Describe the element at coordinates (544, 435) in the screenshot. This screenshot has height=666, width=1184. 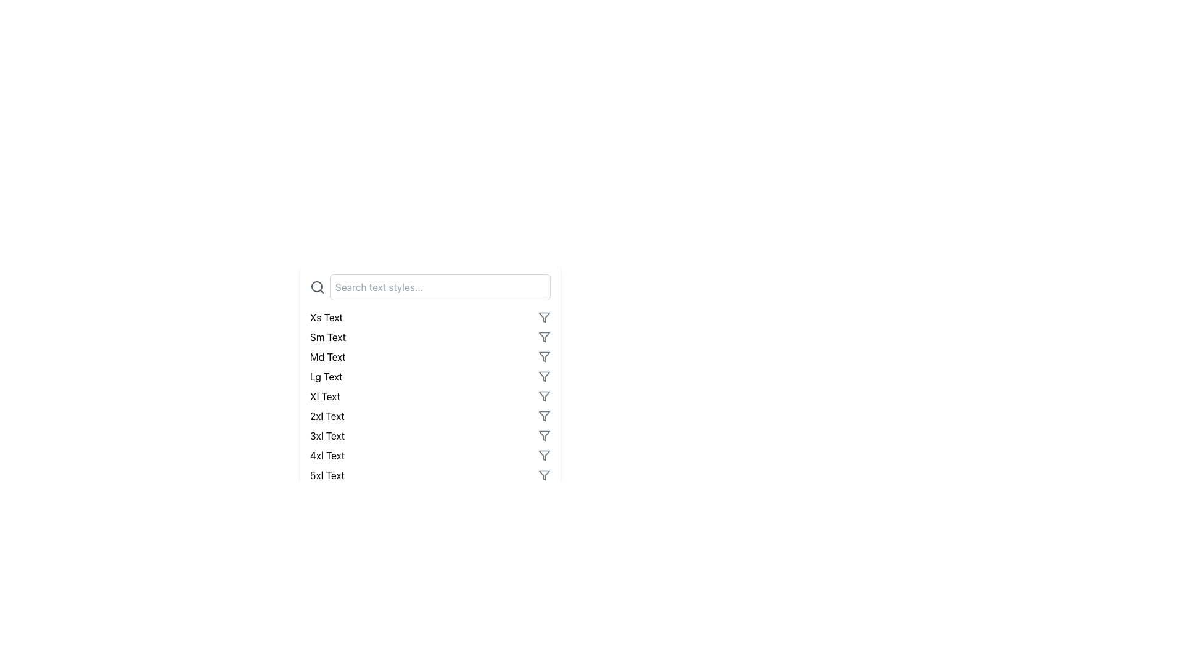
I see `the filter icon shaped like an inverted triangle with a vertical line extending from its bottom tip, located next to the '3xl Text' label, to apply filters` at that location.